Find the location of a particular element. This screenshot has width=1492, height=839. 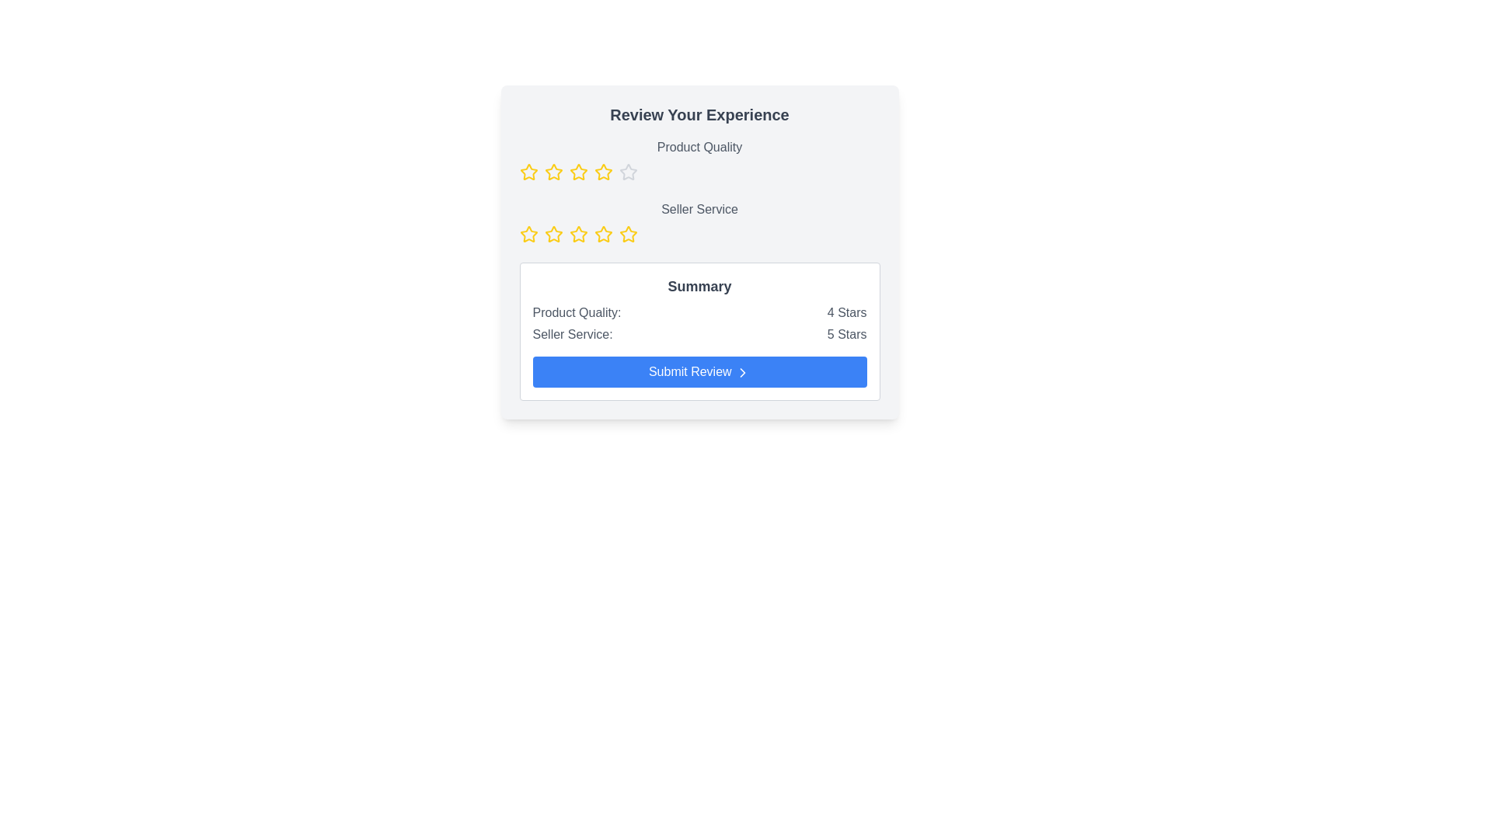

the text label displaying 'Seller Service:' in light gray text, which is positioned in the summary section below the rating stars and above the blue 'Submit Review' button is located at coordinates (572, 334).